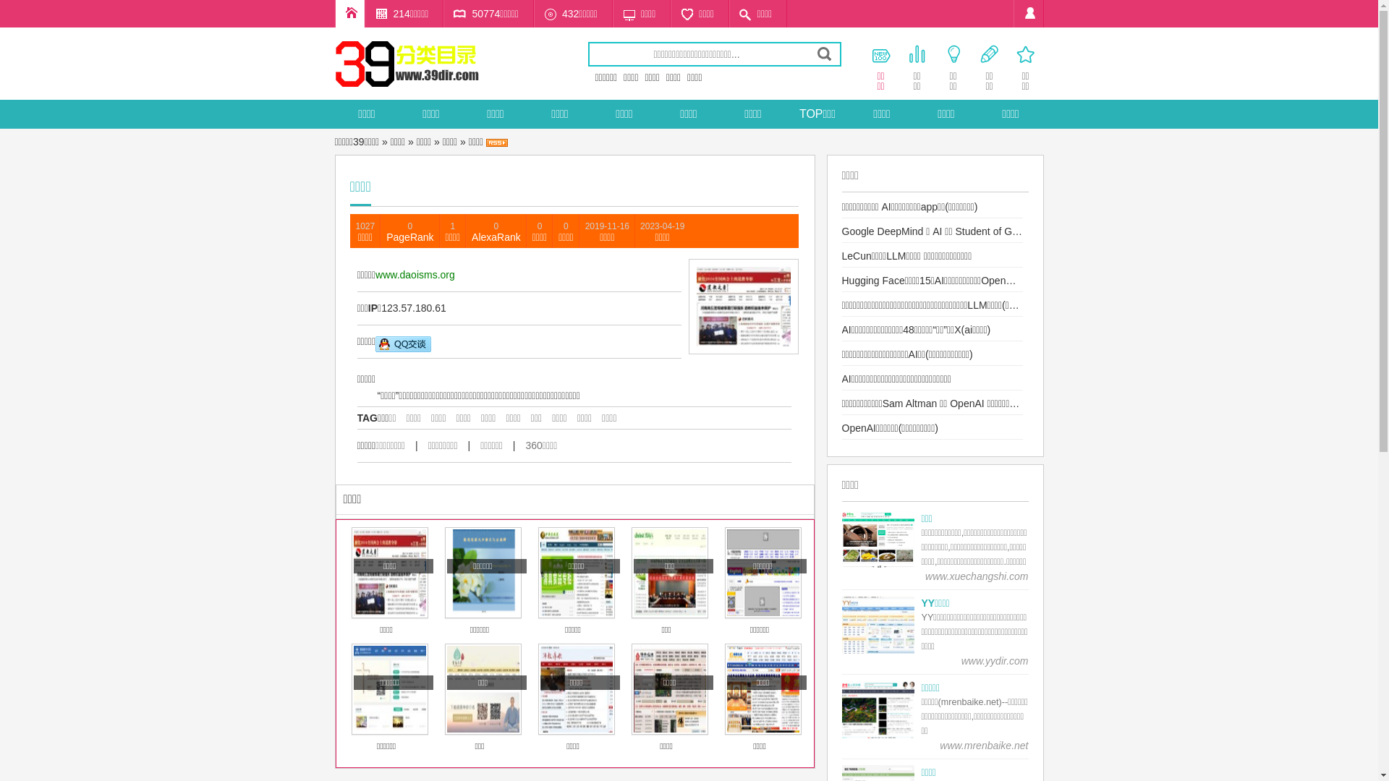 This screenshot has width=1389, height=781. I want to click on 'www.mrenbaike.net', so click(983, 745).